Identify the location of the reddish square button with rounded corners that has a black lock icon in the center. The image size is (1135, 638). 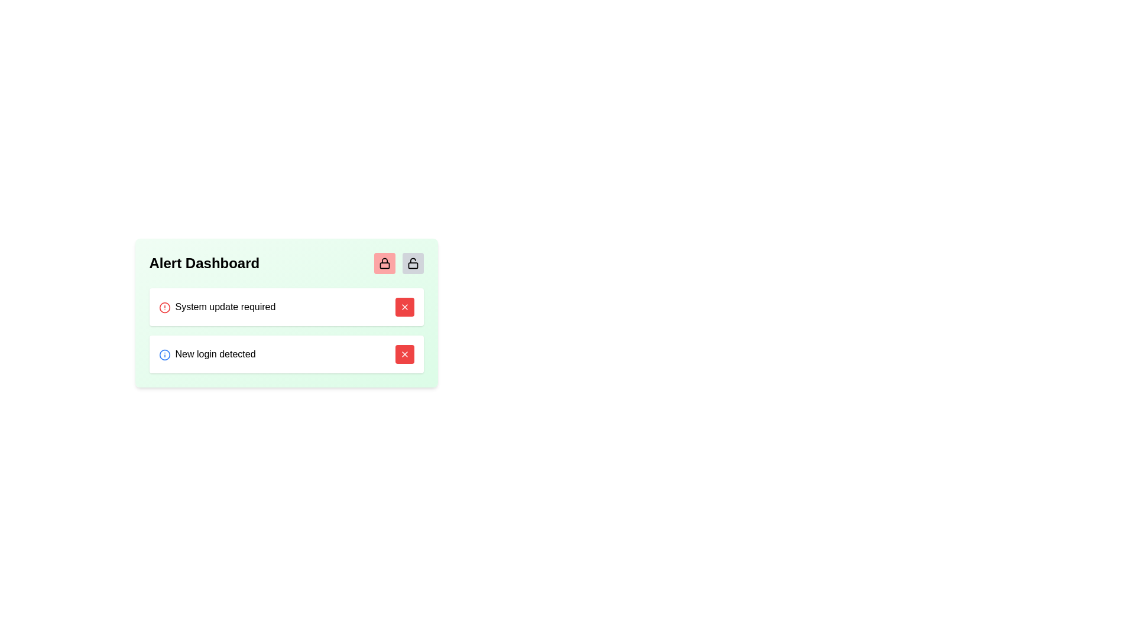
(384, 263).